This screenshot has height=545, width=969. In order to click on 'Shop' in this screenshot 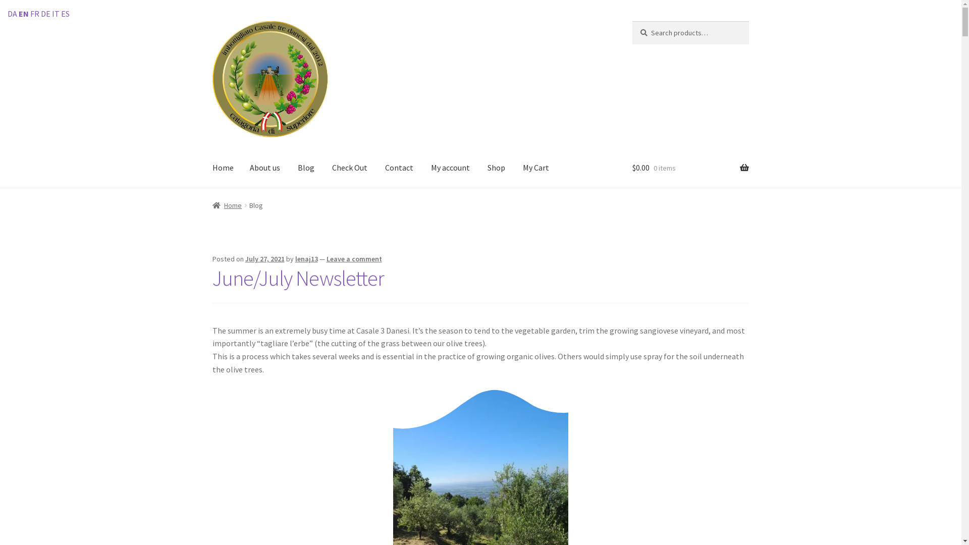, I will do `click(496, 168)`.